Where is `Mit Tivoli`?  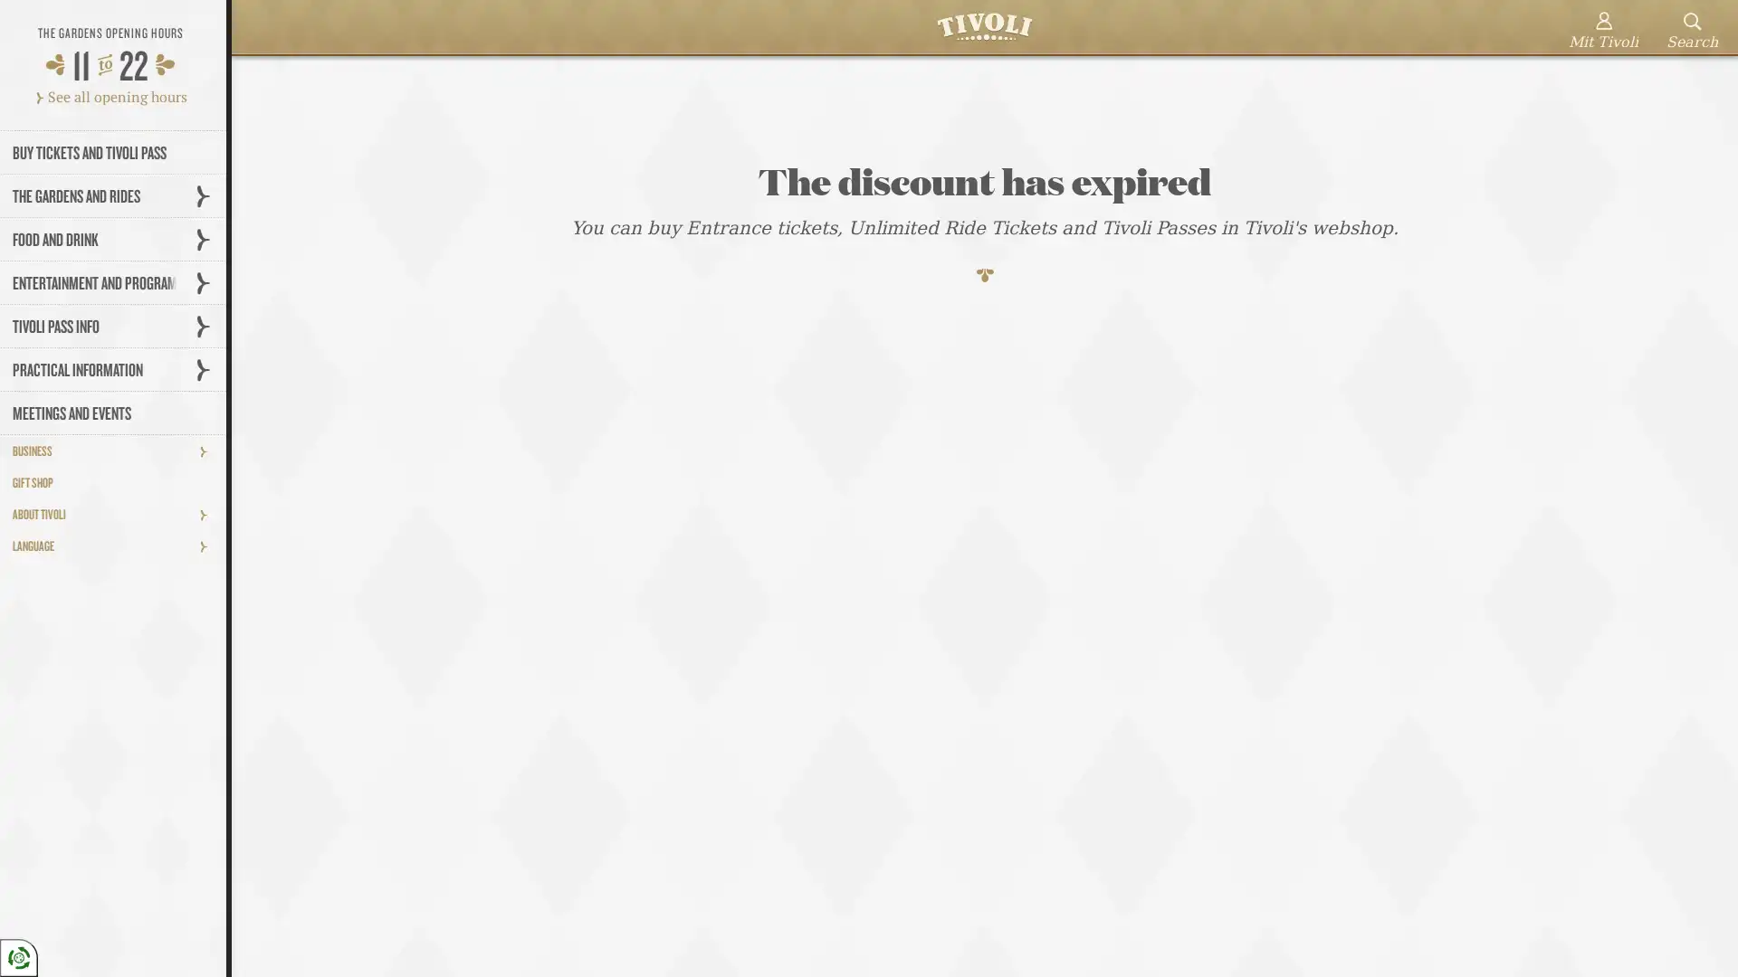 Mit Tivoli is located at coordinates (1603, 32).